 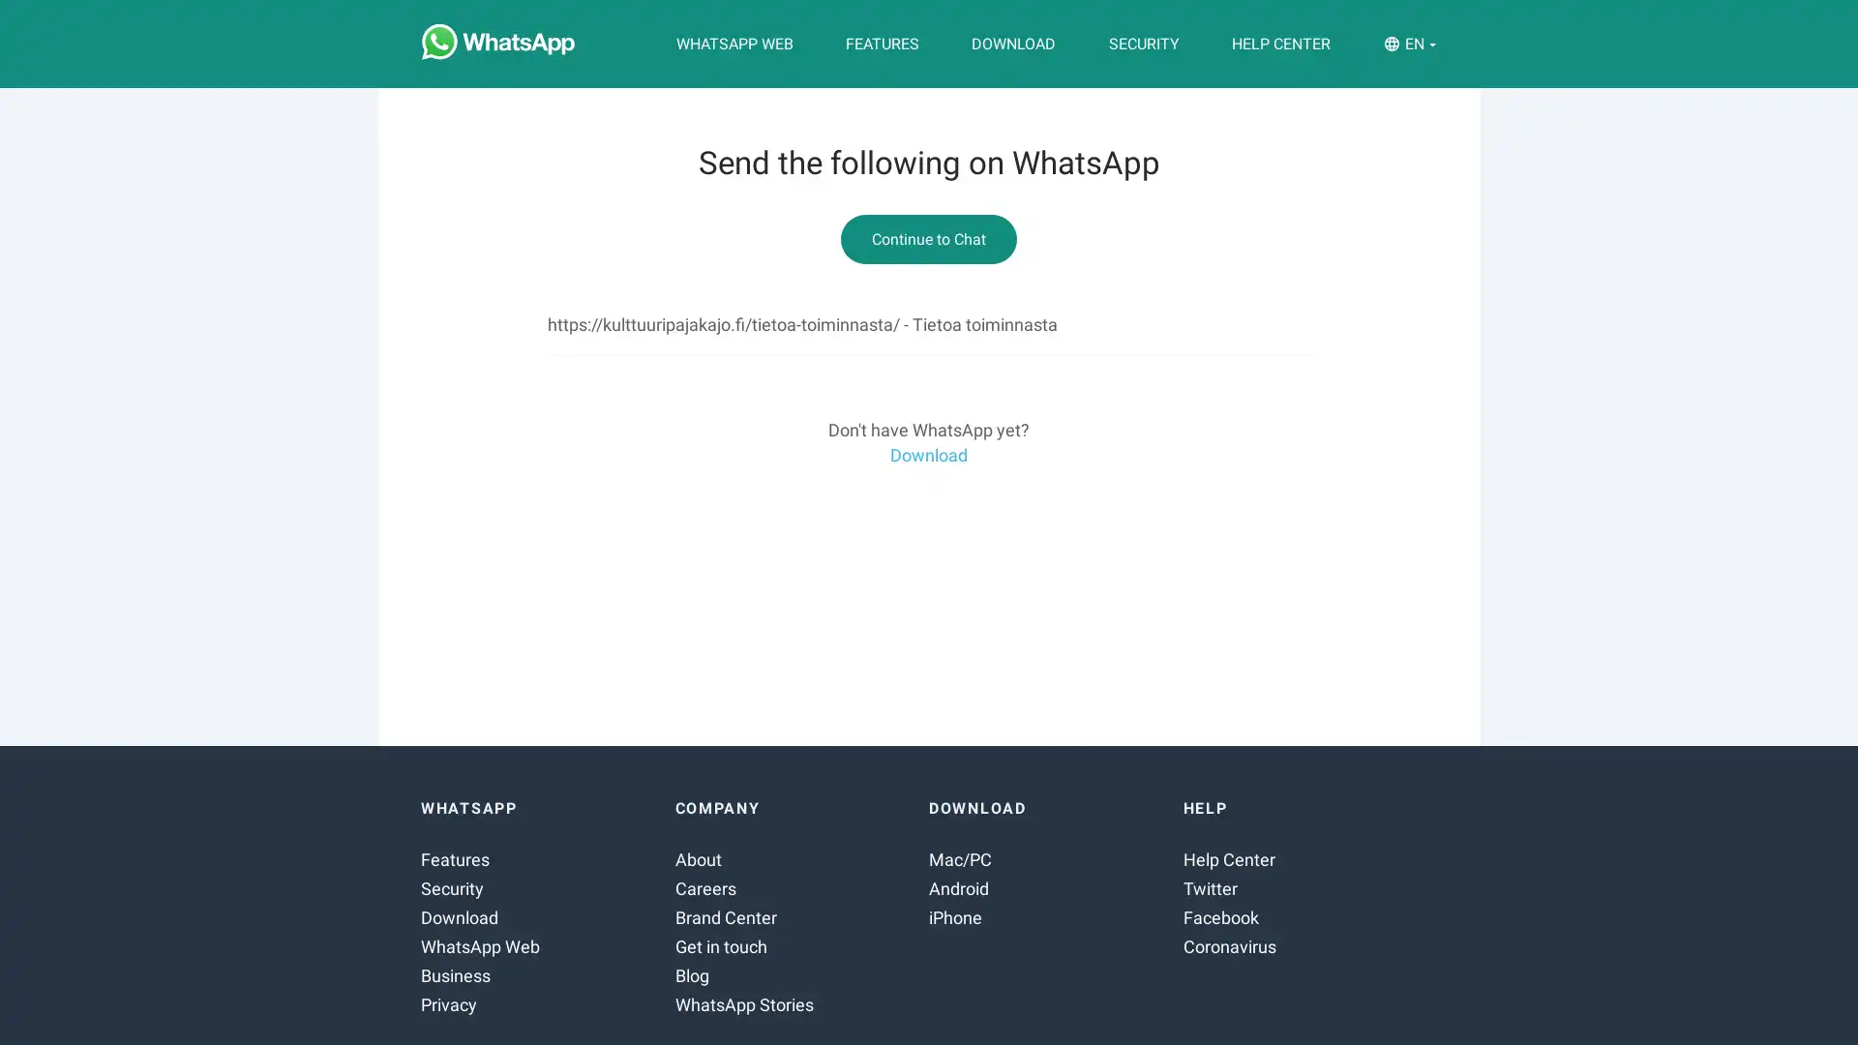 What do you see at coordinates (1410, 44) in the screenshot?
I see `EN` at bounding box center [1410, 44].